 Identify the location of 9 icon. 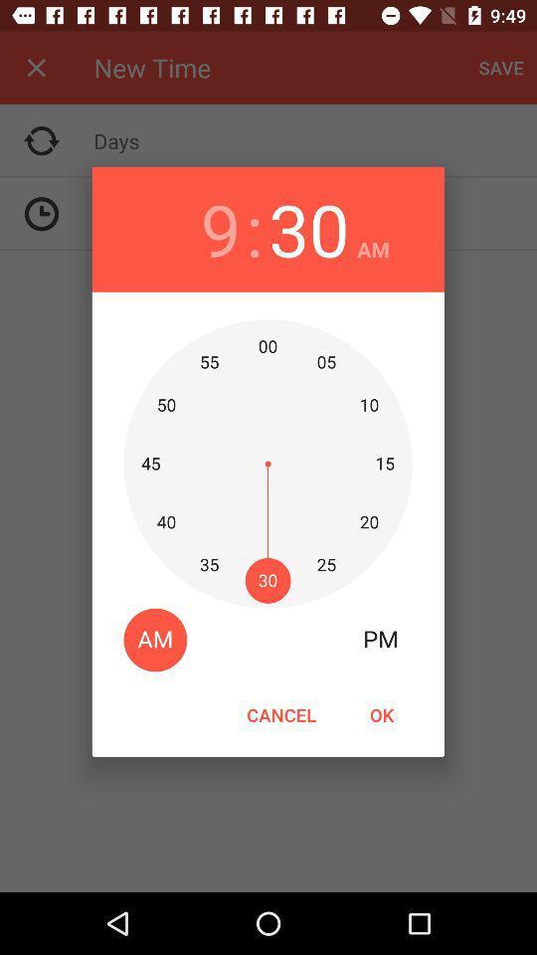
(219, 229).